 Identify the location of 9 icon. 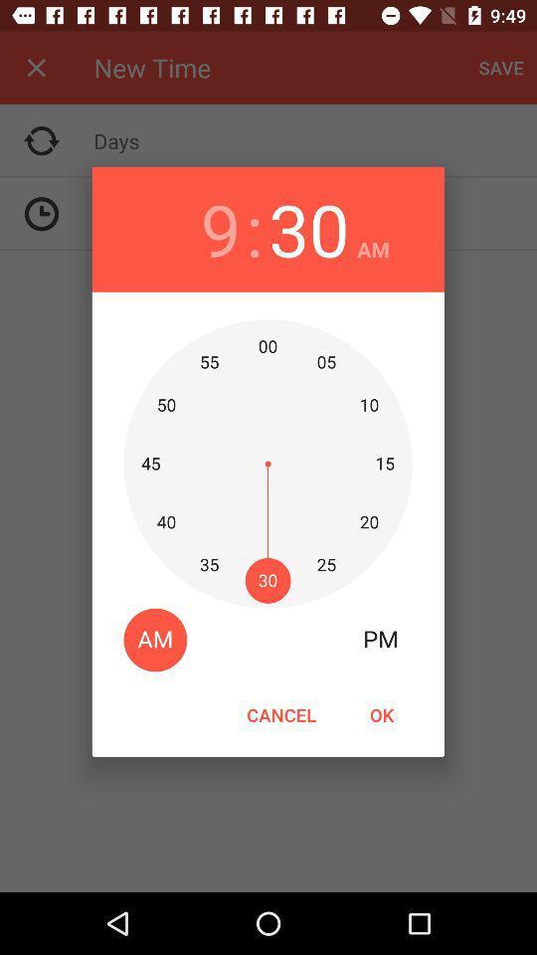
(219, 229).